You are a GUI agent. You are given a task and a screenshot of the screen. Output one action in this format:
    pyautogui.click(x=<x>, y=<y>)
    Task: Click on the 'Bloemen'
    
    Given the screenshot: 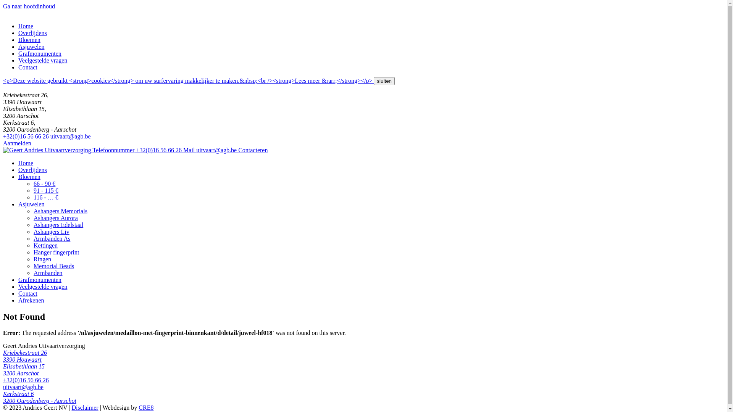 What is the action you would take?
    pyautogui.click(x=29, y=40)
    